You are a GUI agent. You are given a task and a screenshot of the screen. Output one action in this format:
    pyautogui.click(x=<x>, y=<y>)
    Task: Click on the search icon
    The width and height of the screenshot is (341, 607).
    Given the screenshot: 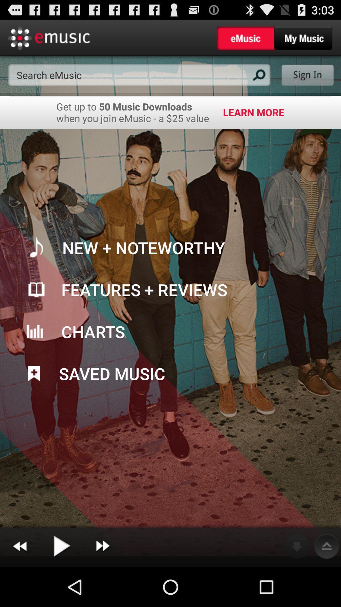 What is the action you would take?
    pyautogui.click(x=258, y=75)
    